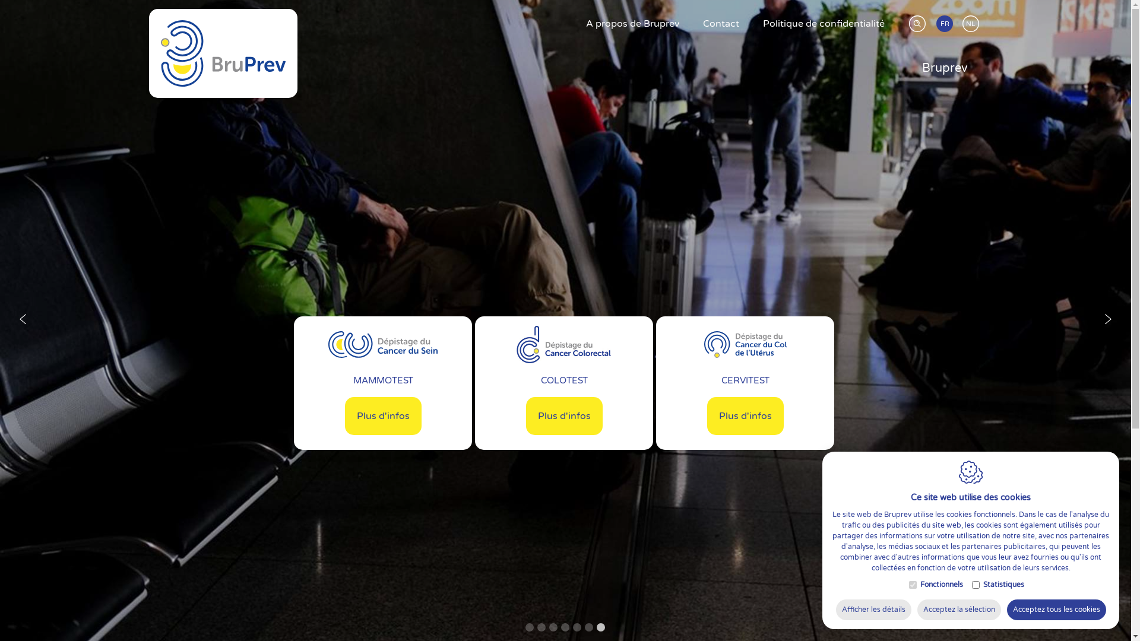  Describe the element at coordinates (744, 383) in the screenshot. I see `'CERVITEST` at that location.